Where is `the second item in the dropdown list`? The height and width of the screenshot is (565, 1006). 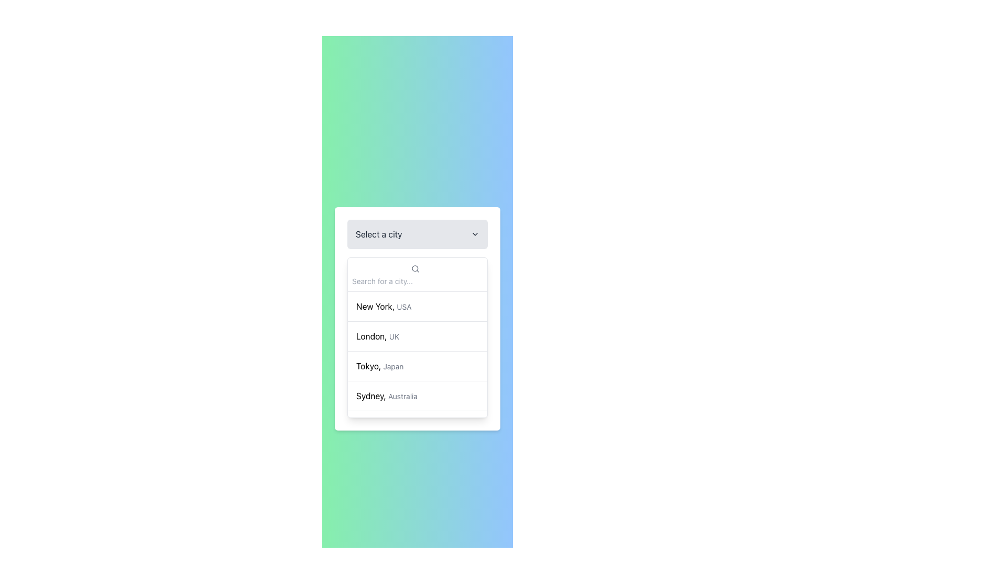
the second item in the dropdown list is located at coordinates (417, 336).